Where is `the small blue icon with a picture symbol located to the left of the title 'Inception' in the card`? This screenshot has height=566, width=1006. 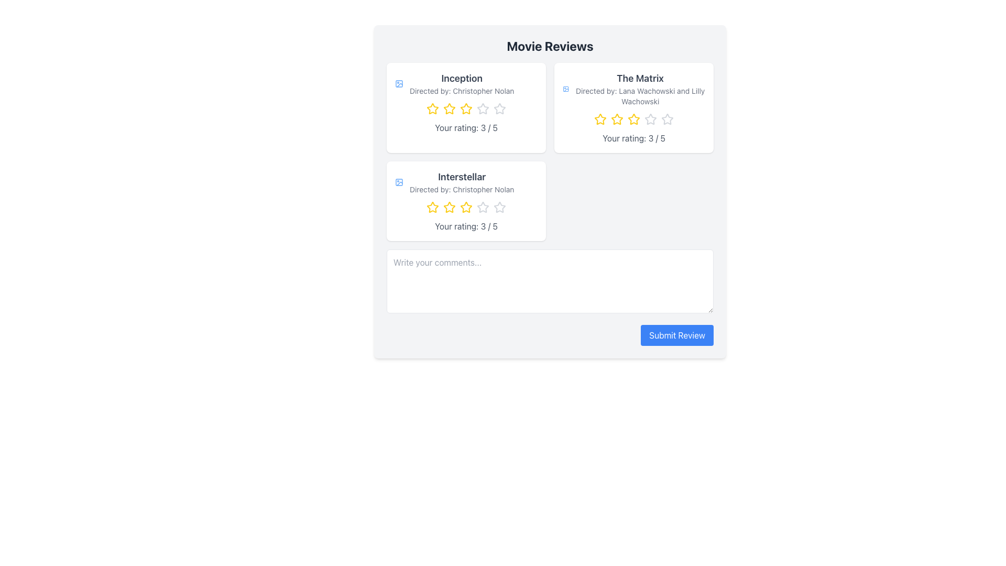
the small blue icon with a picture symbol located to the left of the title 'Inception' in the card is located at coordinates (399, 83).